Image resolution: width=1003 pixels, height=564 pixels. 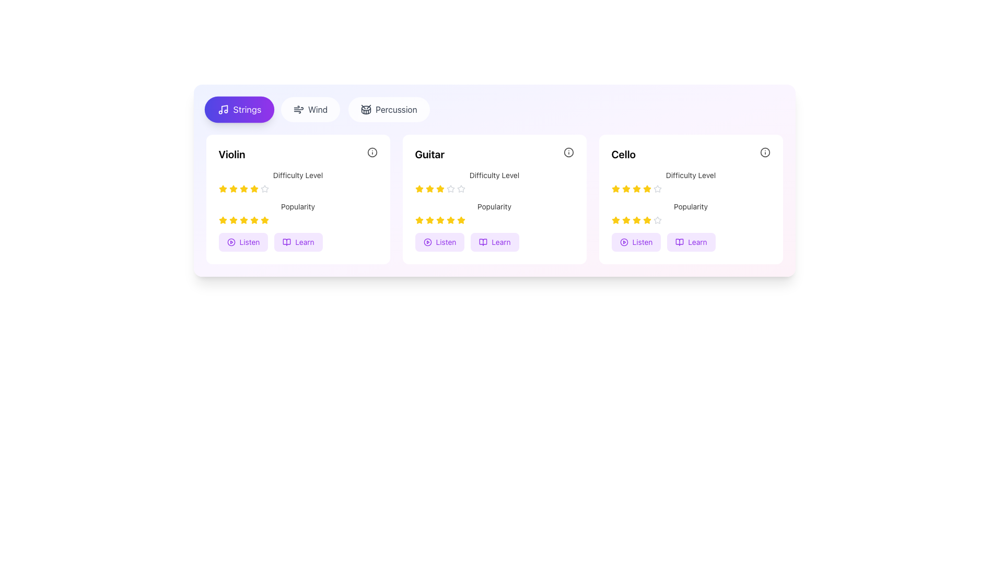 What do you see at coordinates (460, 219) in the screenshot?
I see `the second yellow star icon in the popularity rating section of the Guitar card, which represents a star rating` at bounding box center [460, 219].